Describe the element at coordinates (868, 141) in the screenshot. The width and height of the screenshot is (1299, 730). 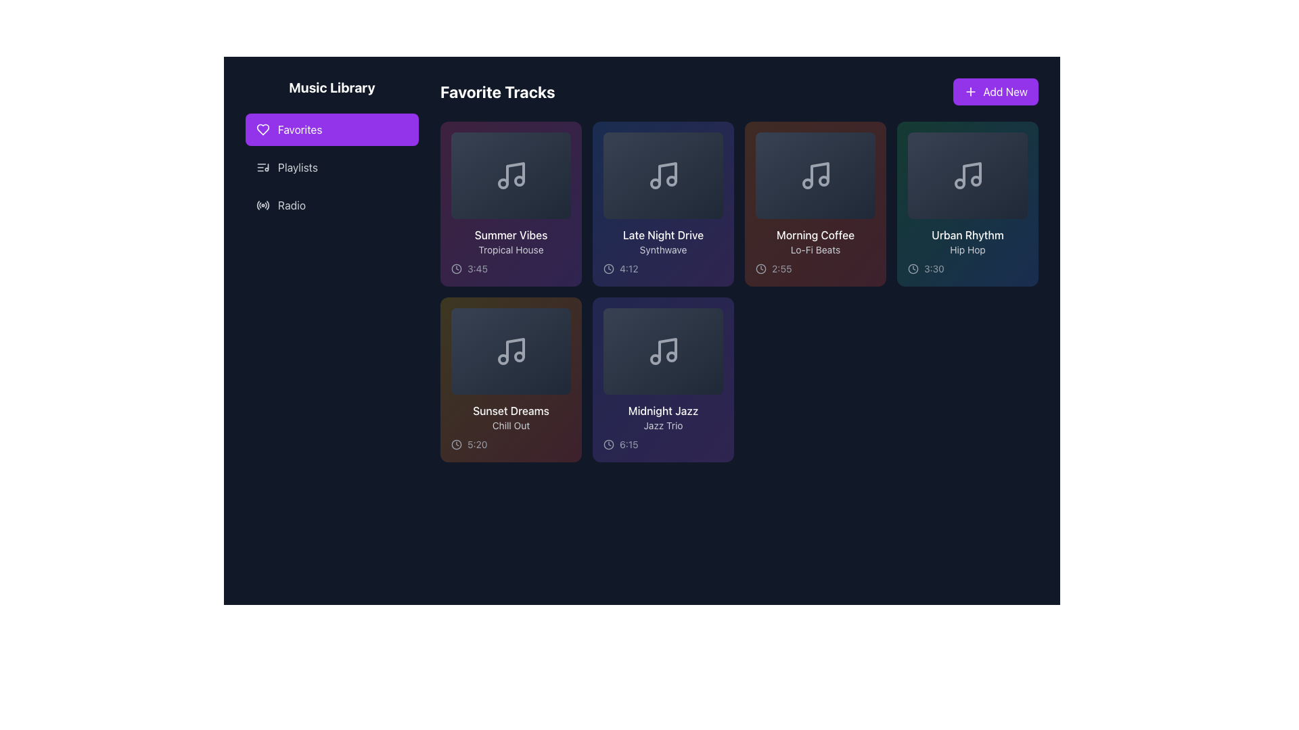
I see `the triangular play button located within the circular button adjacent to the top-right corner of the 'Morning Coffee' music track card` at that location.